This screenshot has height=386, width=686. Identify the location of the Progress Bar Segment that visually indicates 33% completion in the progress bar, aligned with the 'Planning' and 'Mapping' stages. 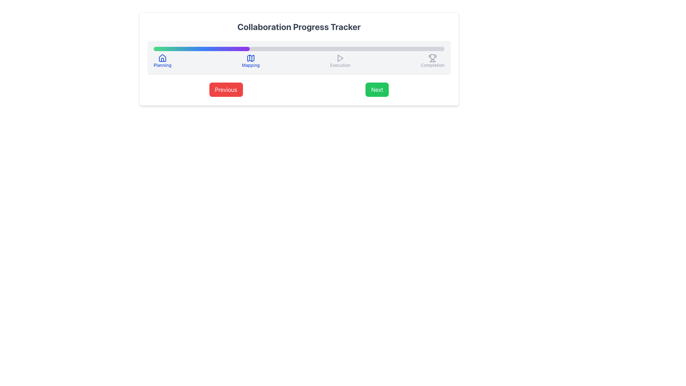
(201, 49).